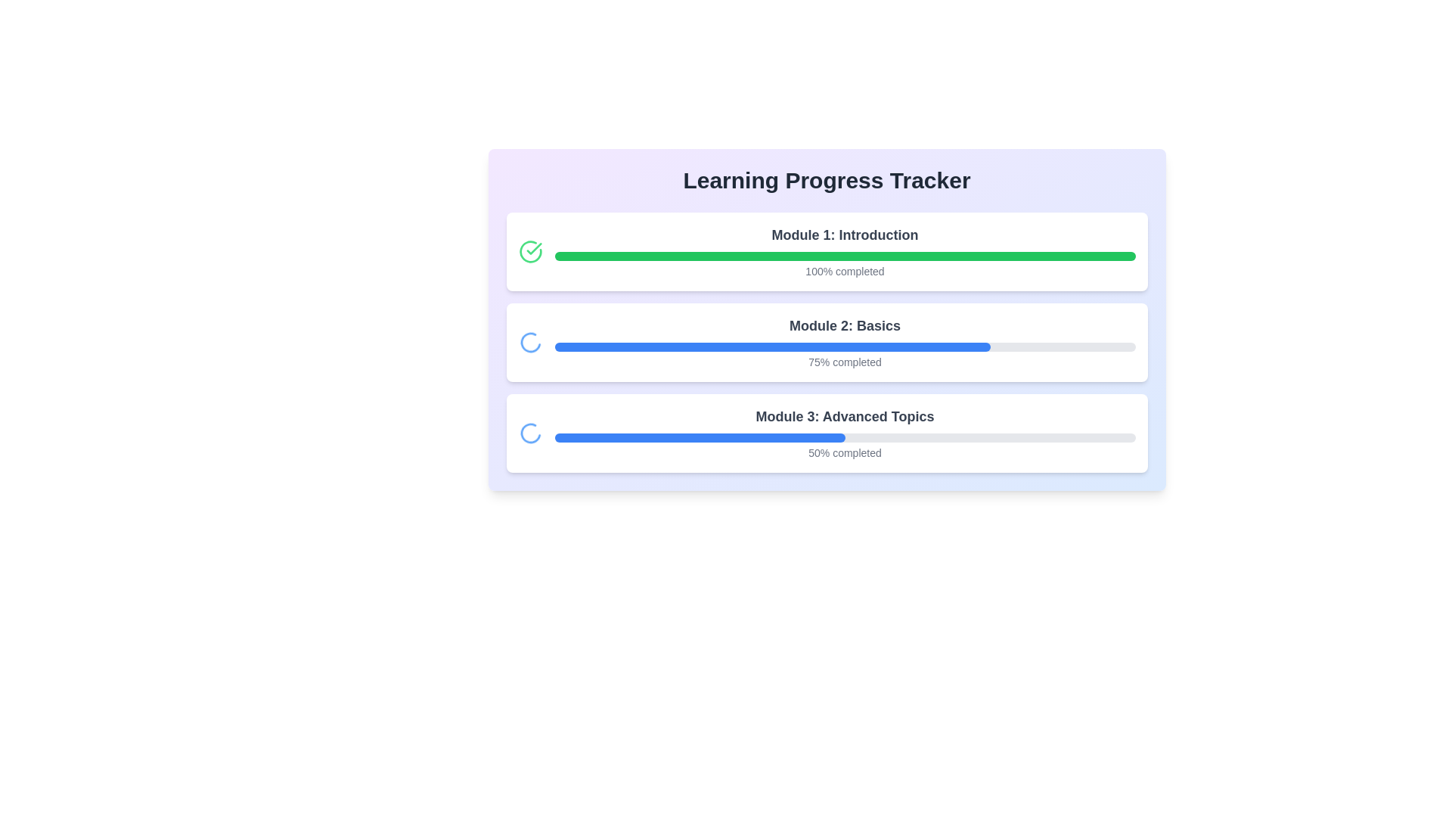  What do you see at coordinates (844, 342) in the screenshot?
I see `the progress indicator for 'Module 2: Basics' to receive additional information about the module's progress` at bounding box center [844, 342].